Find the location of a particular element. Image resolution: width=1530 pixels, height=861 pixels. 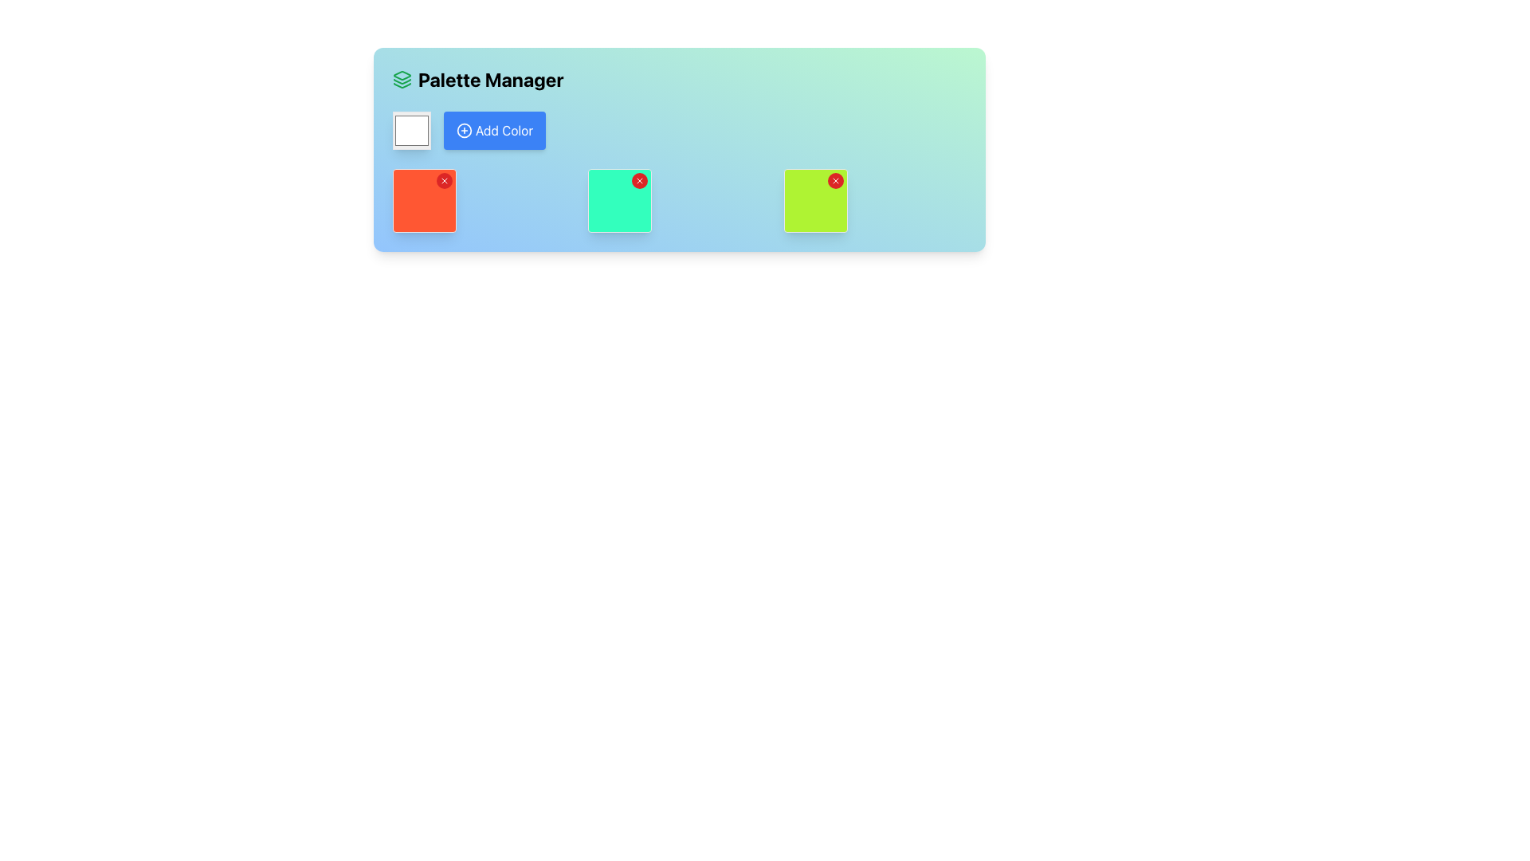

the small circular red button with a white cross icon in the top-right corner of the orange tile to initiate the deletion action is located at coordinates (444, 180).